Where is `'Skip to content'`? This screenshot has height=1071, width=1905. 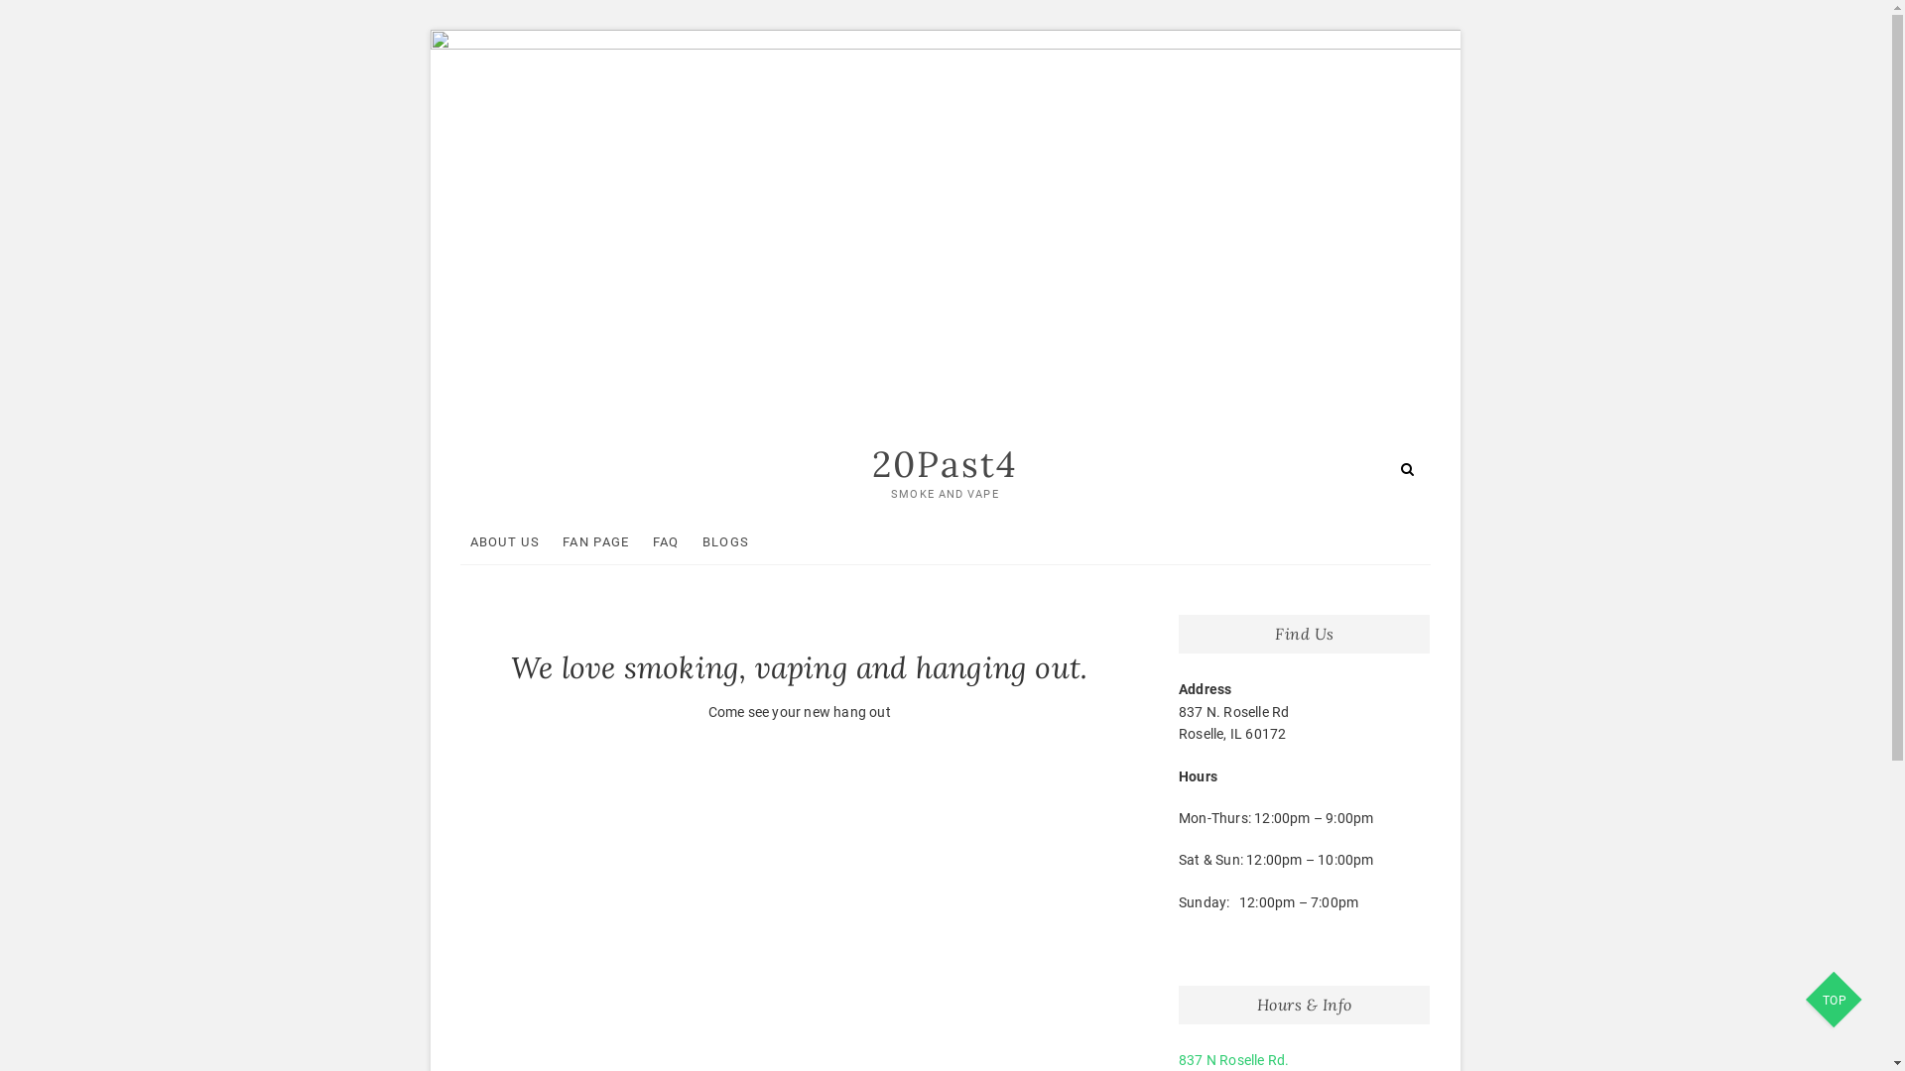 'Skip to content' is located at coordinates (430, 30).